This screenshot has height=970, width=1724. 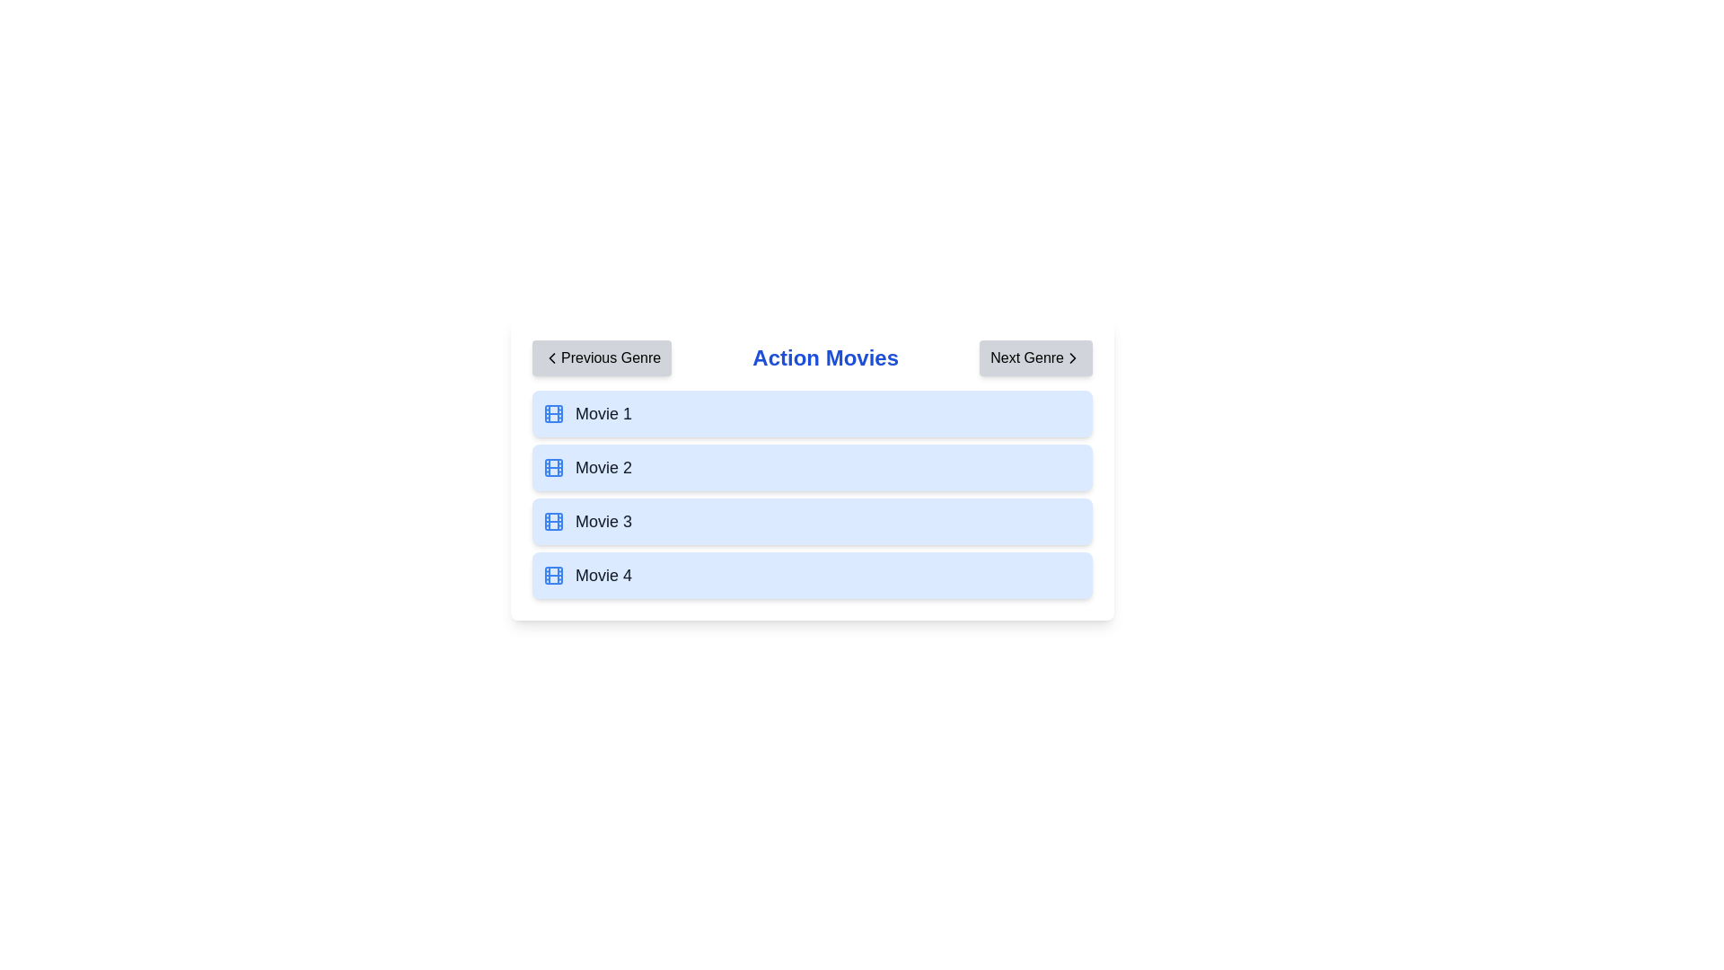 What do you see at coordinates (824, 357) in the screenshot?
I see `the bold, large-sized blue text saying 'Action Movies' which is centrally positioned in the navigation bar between 'Previous Genre' and 'Next Genre' buttons` at bounding box center [824, 357].